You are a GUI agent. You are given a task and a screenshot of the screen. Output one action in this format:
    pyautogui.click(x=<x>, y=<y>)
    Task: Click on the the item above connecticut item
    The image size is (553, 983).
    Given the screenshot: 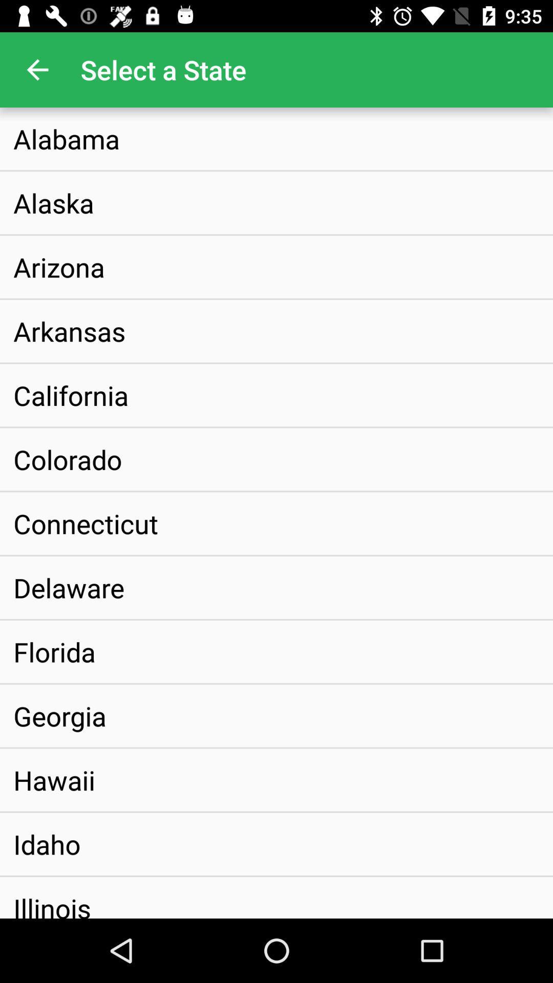 What is the action you would take?
    pyautogui.click(x=68, y=459)
    